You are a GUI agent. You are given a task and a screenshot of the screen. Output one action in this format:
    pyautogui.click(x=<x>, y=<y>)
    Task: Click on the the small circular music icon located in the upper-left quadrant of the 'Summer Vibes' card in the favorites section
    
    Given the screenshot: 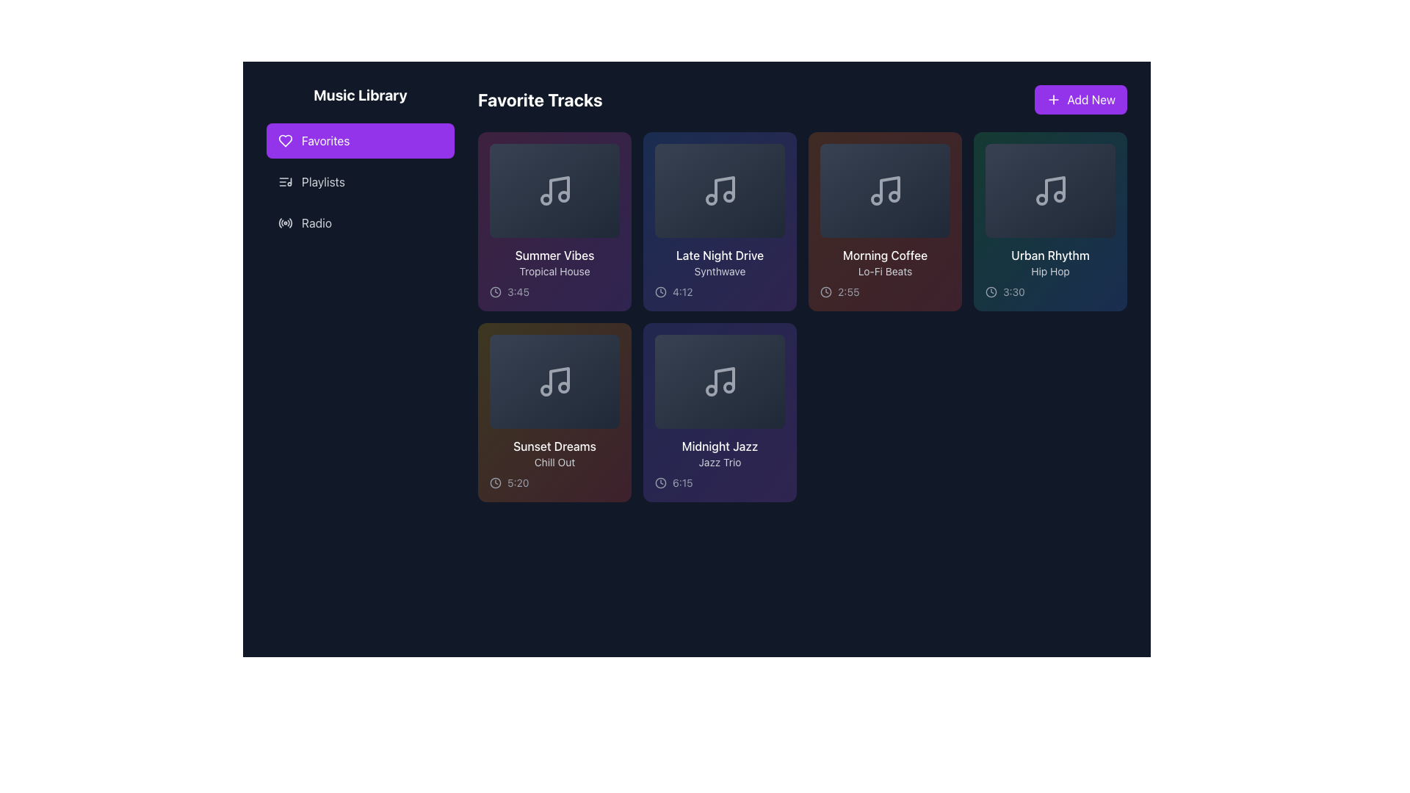 What is the action you would take?
    pyautogui.click(x=545, y=200)
    